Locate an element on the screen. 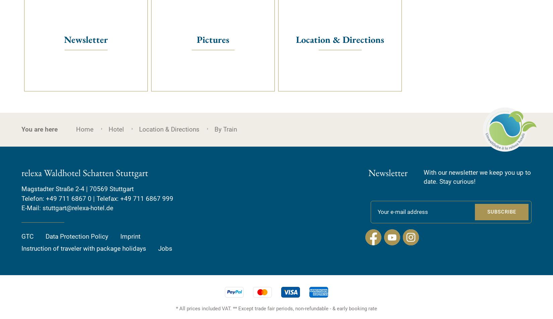 The height and width of the screenshot is (319, 553). 'Jobs' is located at coordinates (165, 248).